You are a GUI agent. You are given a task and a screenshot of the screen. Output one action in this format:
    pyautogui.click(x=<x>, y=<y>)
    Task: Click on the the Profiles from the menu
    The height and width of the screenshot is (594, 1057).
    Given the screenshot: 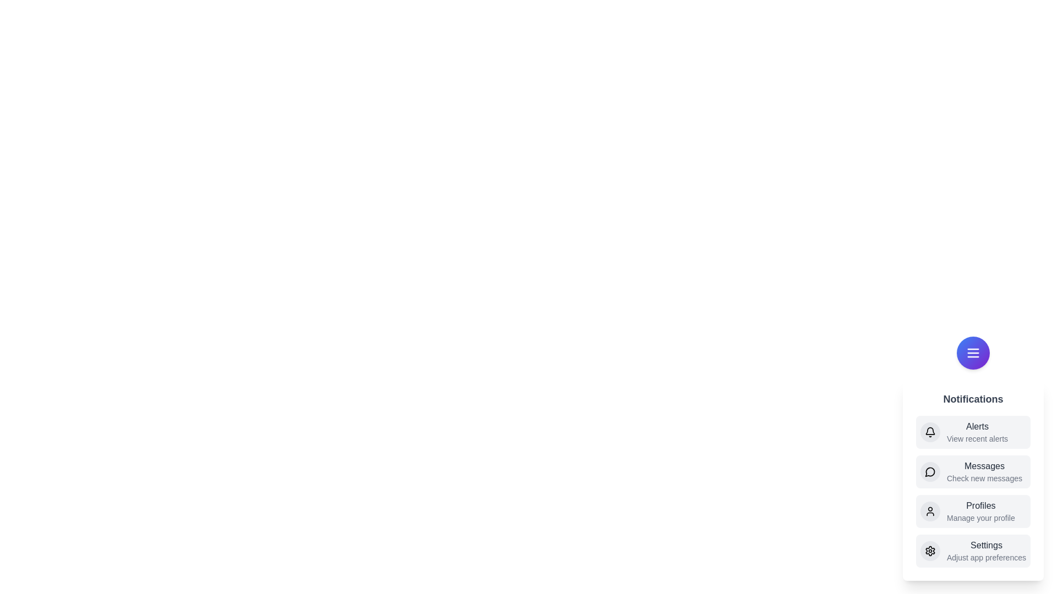 What is the action you would take?
    pyautogui.click(x=973, y=511)
    